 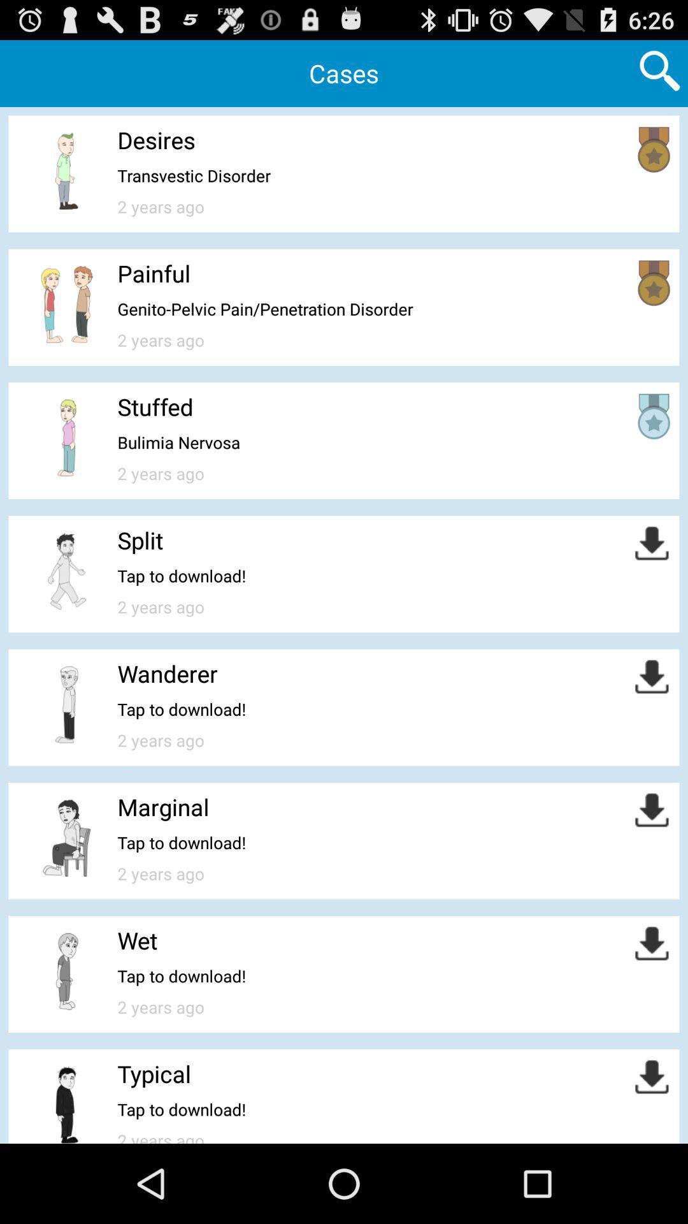 I want to click on the painful, so click(x=153, y=272).